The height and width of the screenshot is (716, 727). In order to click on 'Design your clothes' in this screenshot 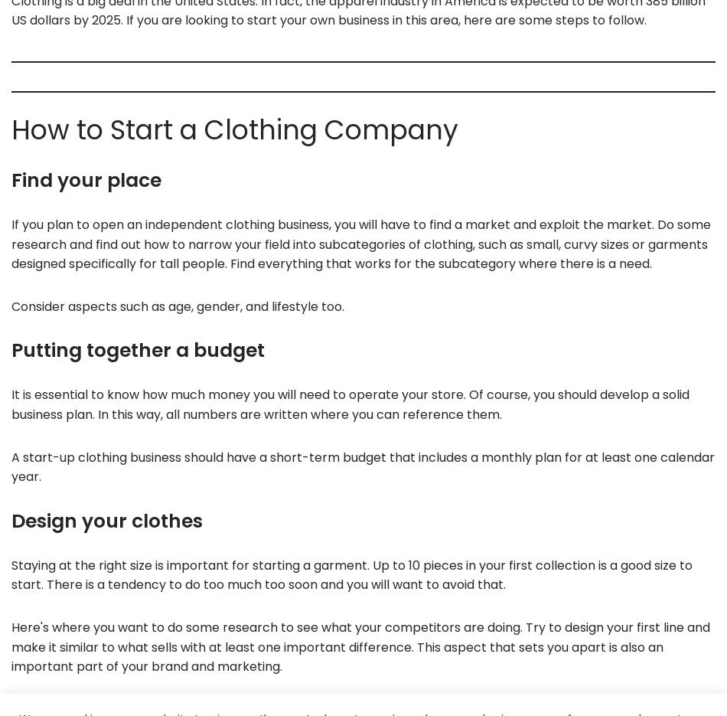, I will do `click(107, 520)`.